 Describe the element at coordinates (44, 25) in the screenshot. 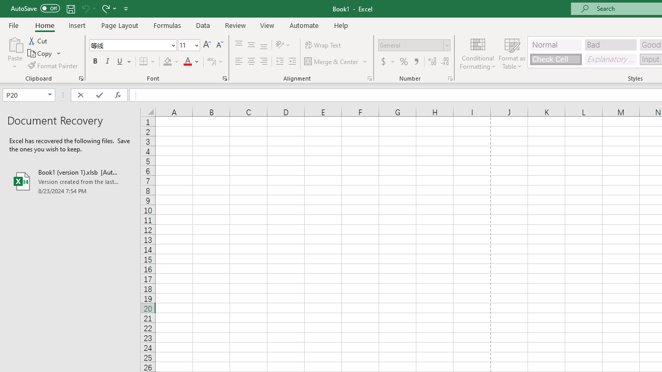

I see `'Home'` at that location.